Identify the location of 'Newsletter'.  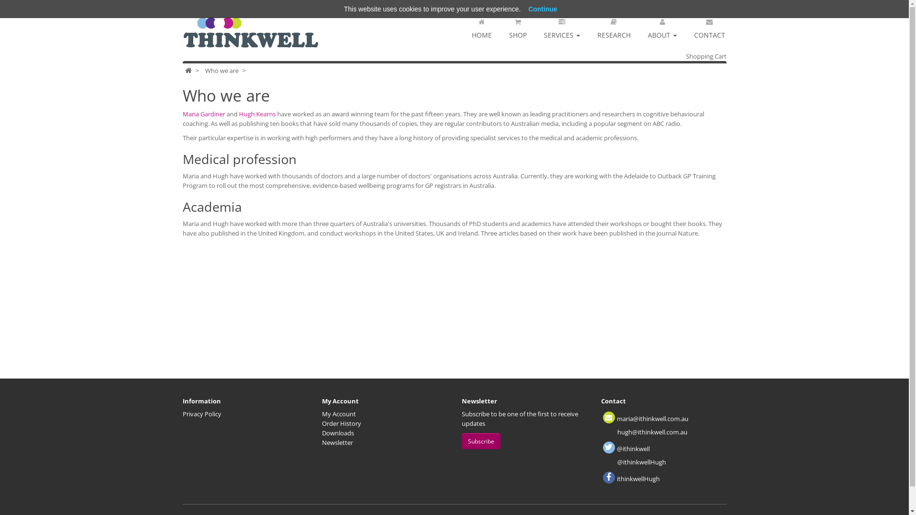
(337, 443).